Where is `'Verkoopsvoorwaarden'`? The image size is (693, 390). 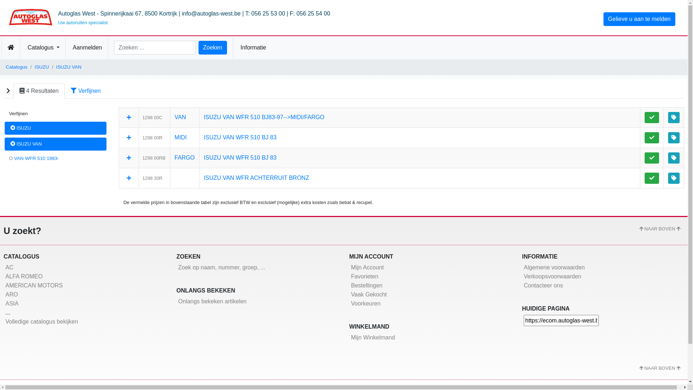 'Verkoopsvoorwaarden' is located at coordinates (523, 276).